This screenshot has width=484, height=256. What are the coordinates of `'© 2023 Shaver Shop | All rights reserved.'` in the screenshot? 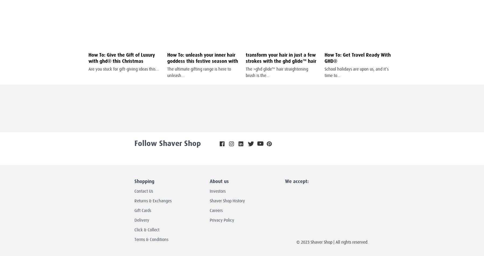 It's located at (332, 242).